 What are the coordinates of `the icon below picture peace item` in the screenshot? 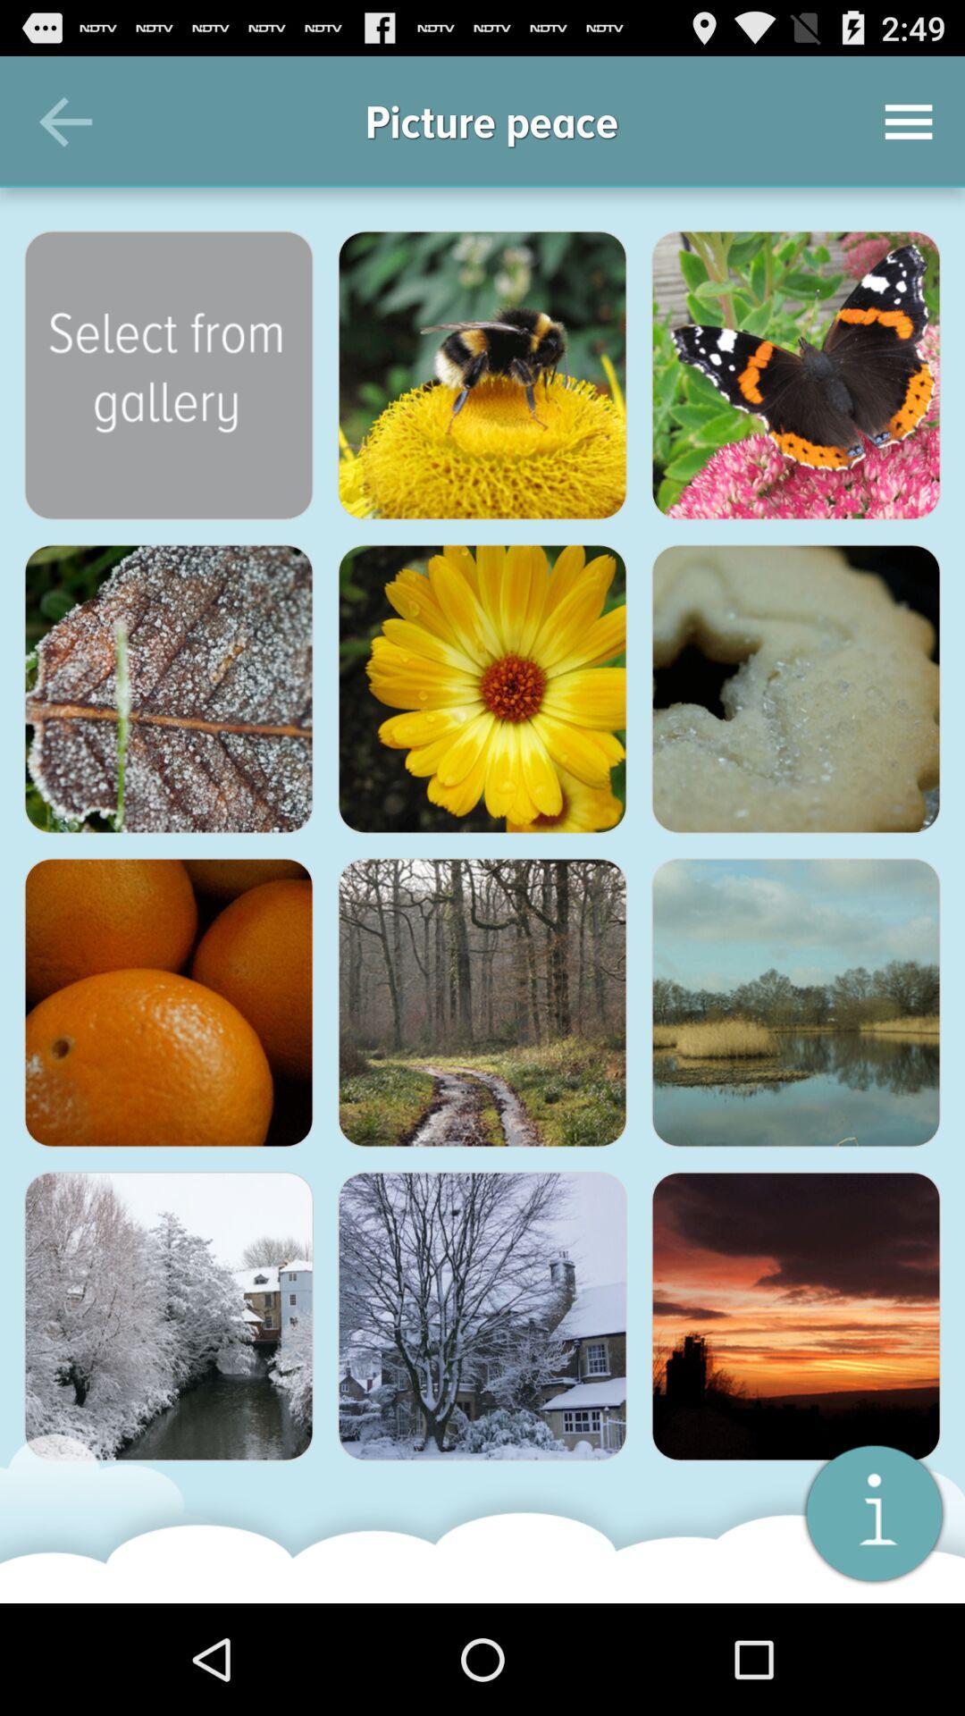 It's located at (482, 374).